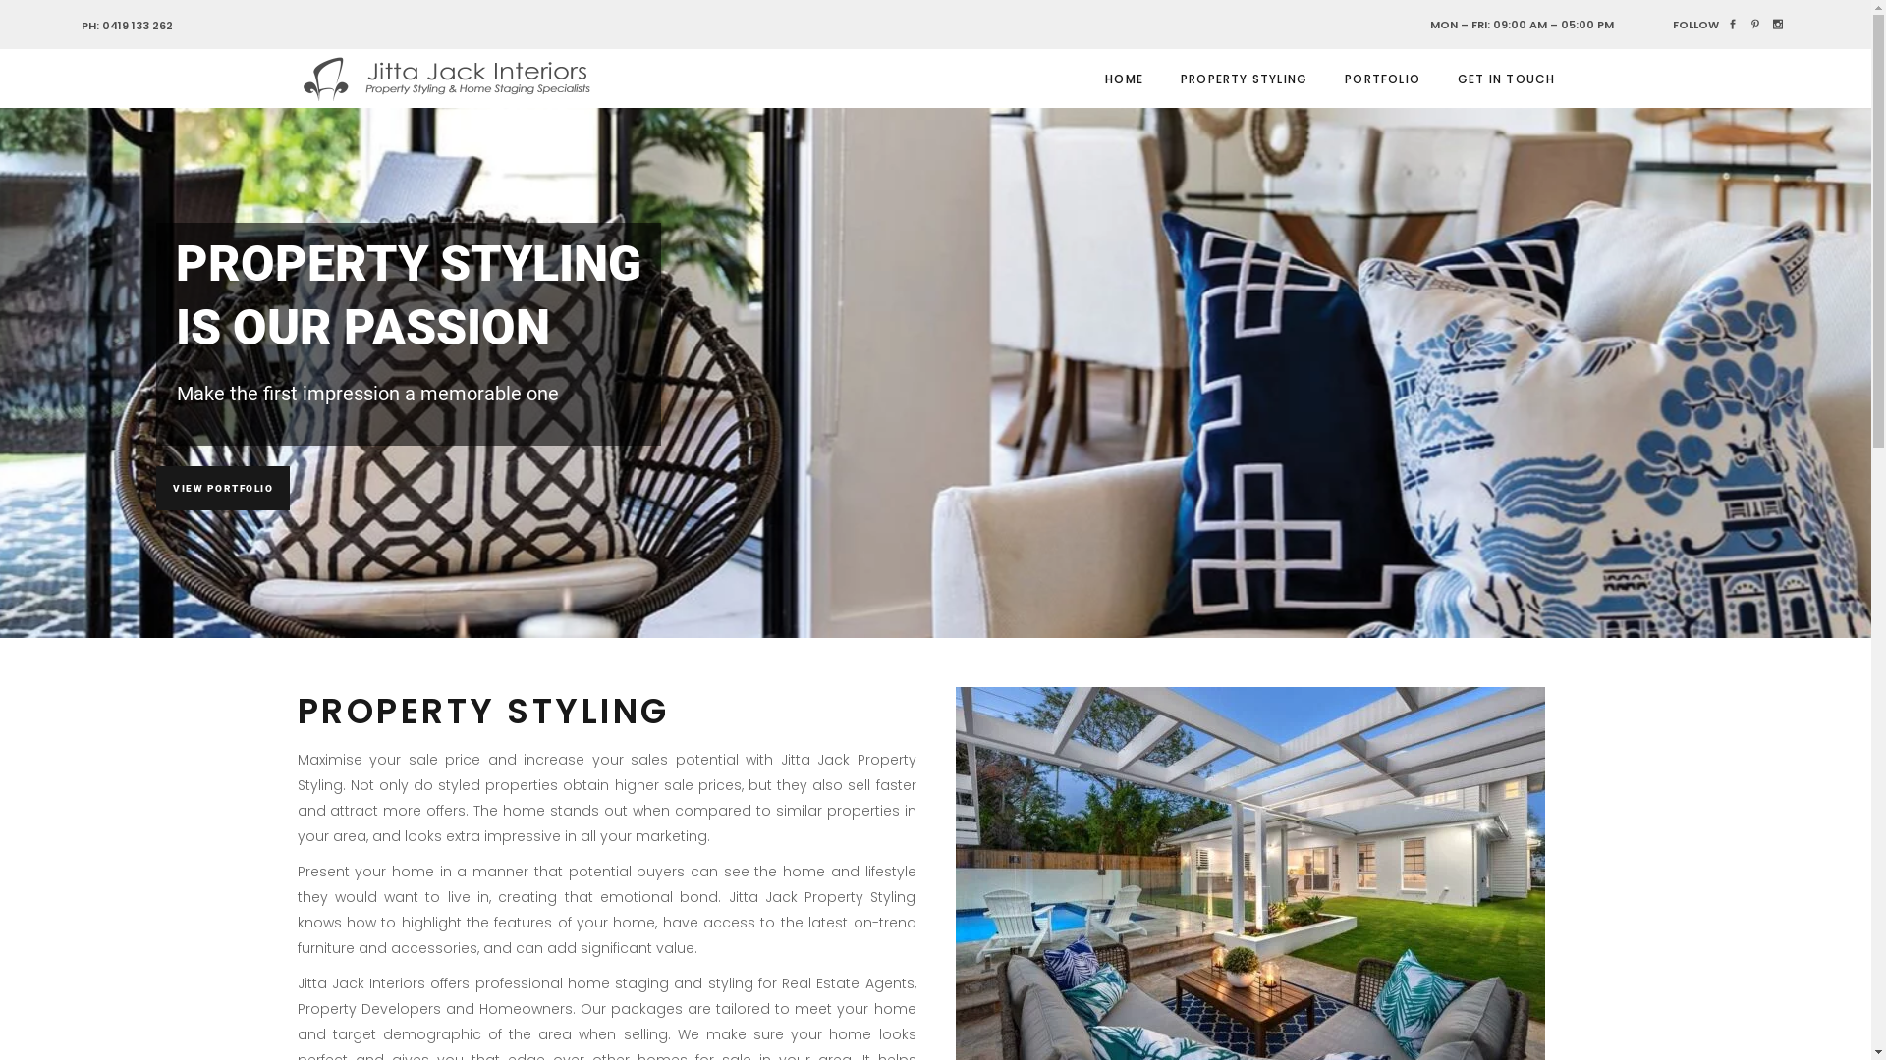 Image resolution: width=1886 pixels, height=1060 pixels. What do you see at coordinates (1124, 78) in the screenshot?
I see `'HOME'` at bounding box center [1124, 78].